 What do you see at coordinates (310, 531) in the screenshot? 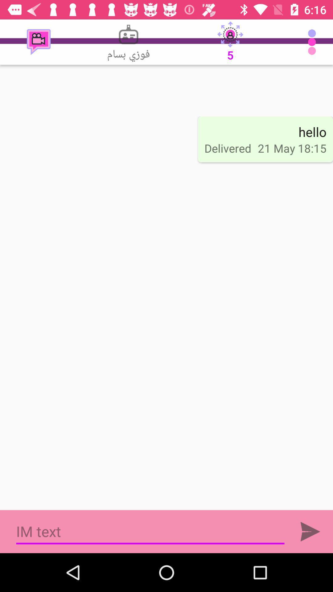
I see `text enter option` at bounding box center [310, 531].